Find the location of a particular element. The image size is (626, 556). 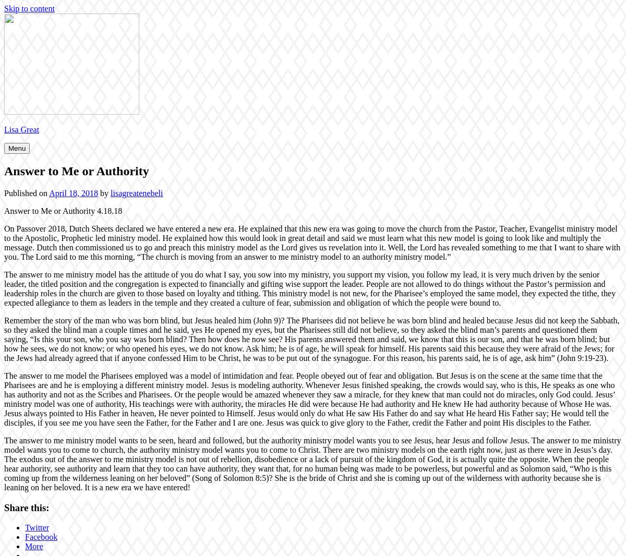

'Twitter' is located at coordinates (37, 527).